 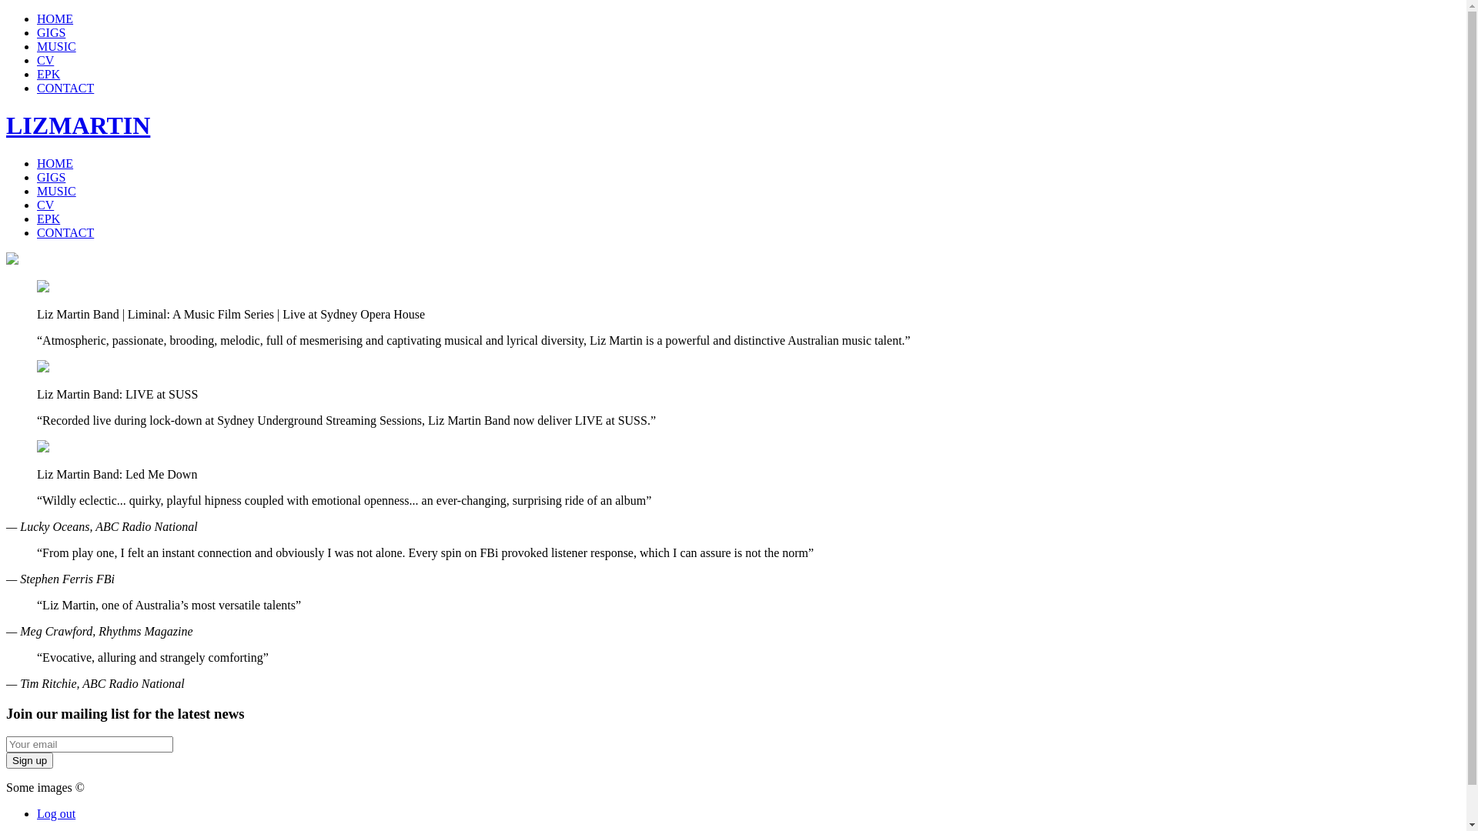 What do you see at coordinates (51, 176) in the screenshot?
I see `'GIGS'` at bounding box center [51, 176].